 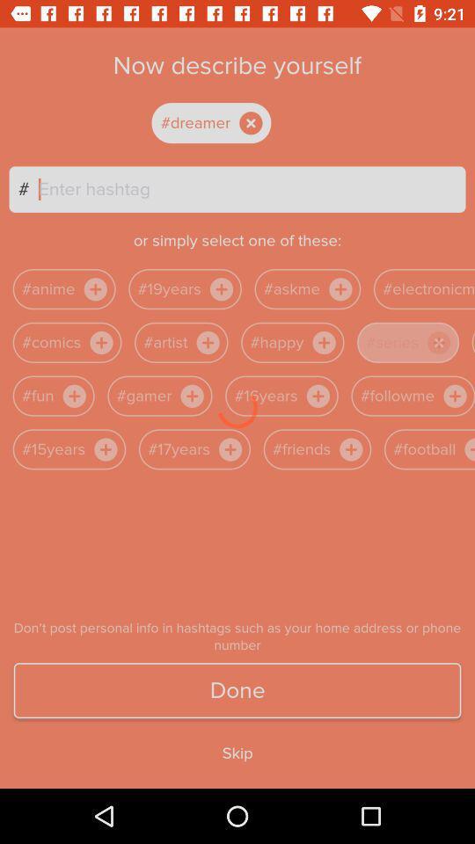 I want to click on hashtag textbox, so click(x=251, y=189).